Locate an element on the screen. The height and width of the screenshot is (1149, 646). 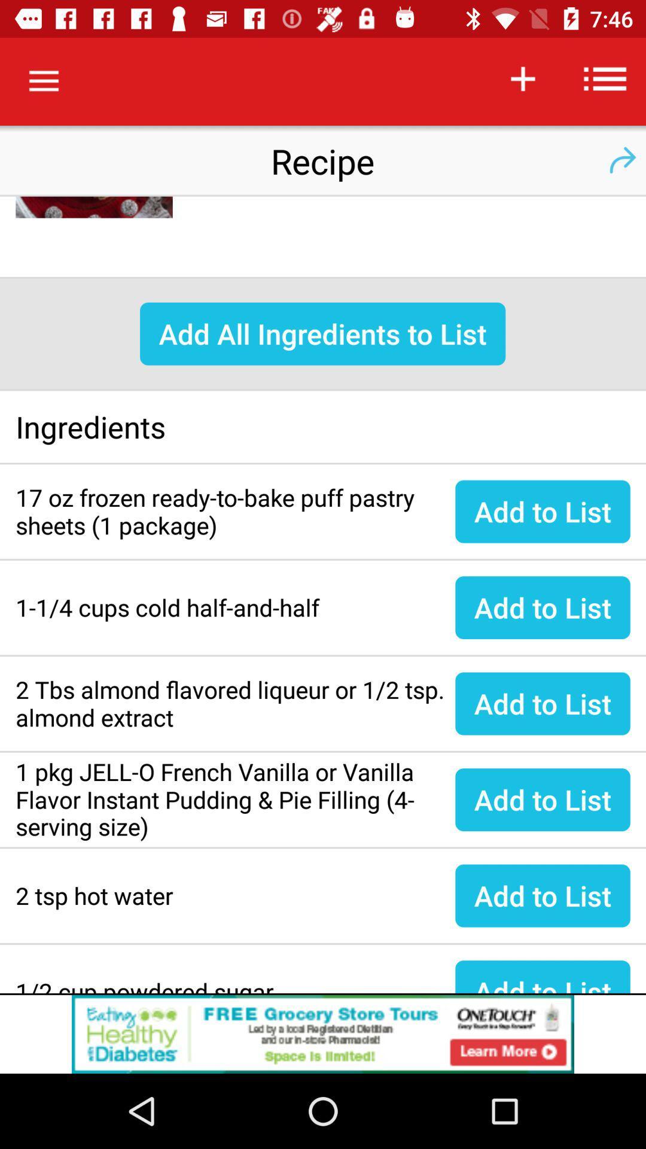
the advertisement in a browser is located at coordinates (323, 1034).